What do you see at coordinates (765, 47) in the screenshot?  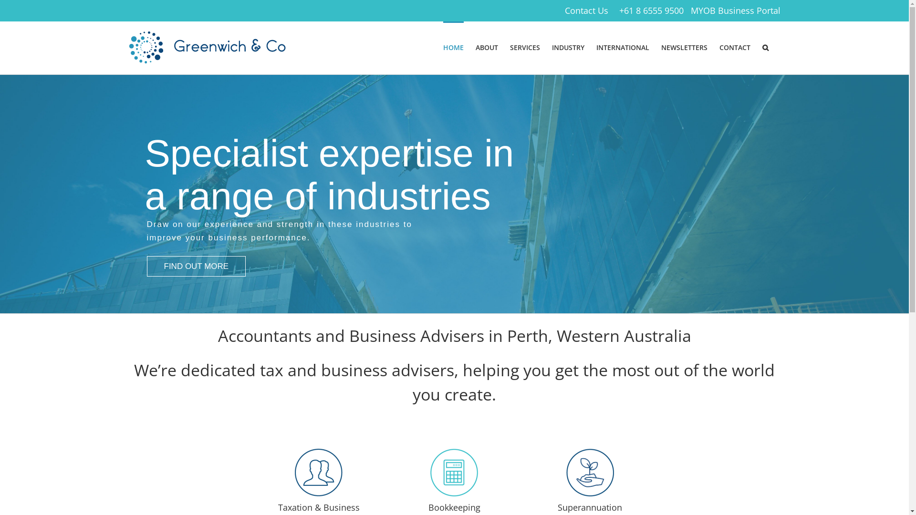 I see `'Search'` at bounding box center [765, 47].